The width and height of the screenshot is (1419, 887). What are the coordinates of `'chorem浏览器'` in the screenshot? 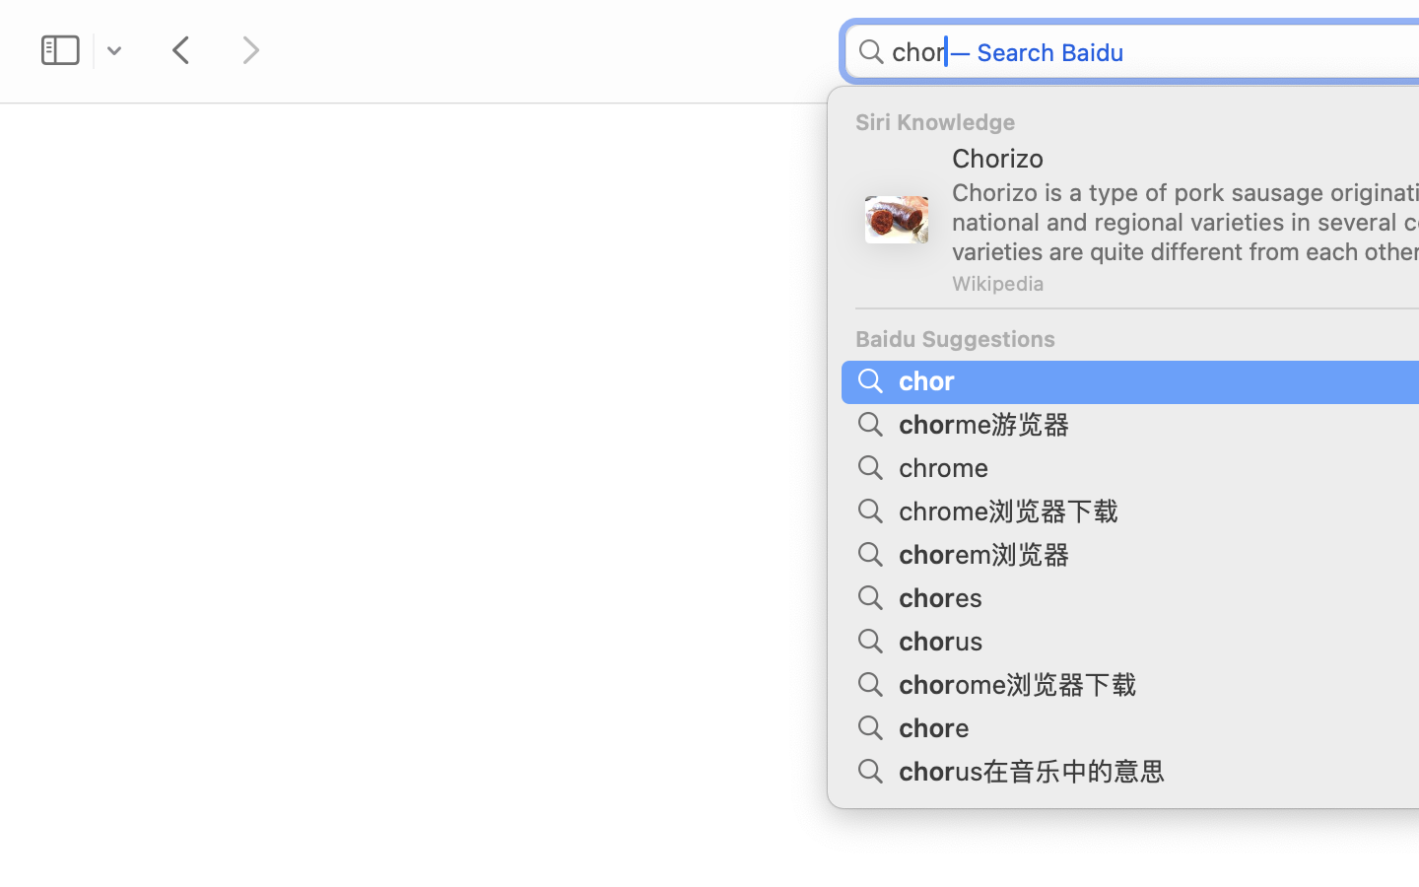 It's located at (985, 550).